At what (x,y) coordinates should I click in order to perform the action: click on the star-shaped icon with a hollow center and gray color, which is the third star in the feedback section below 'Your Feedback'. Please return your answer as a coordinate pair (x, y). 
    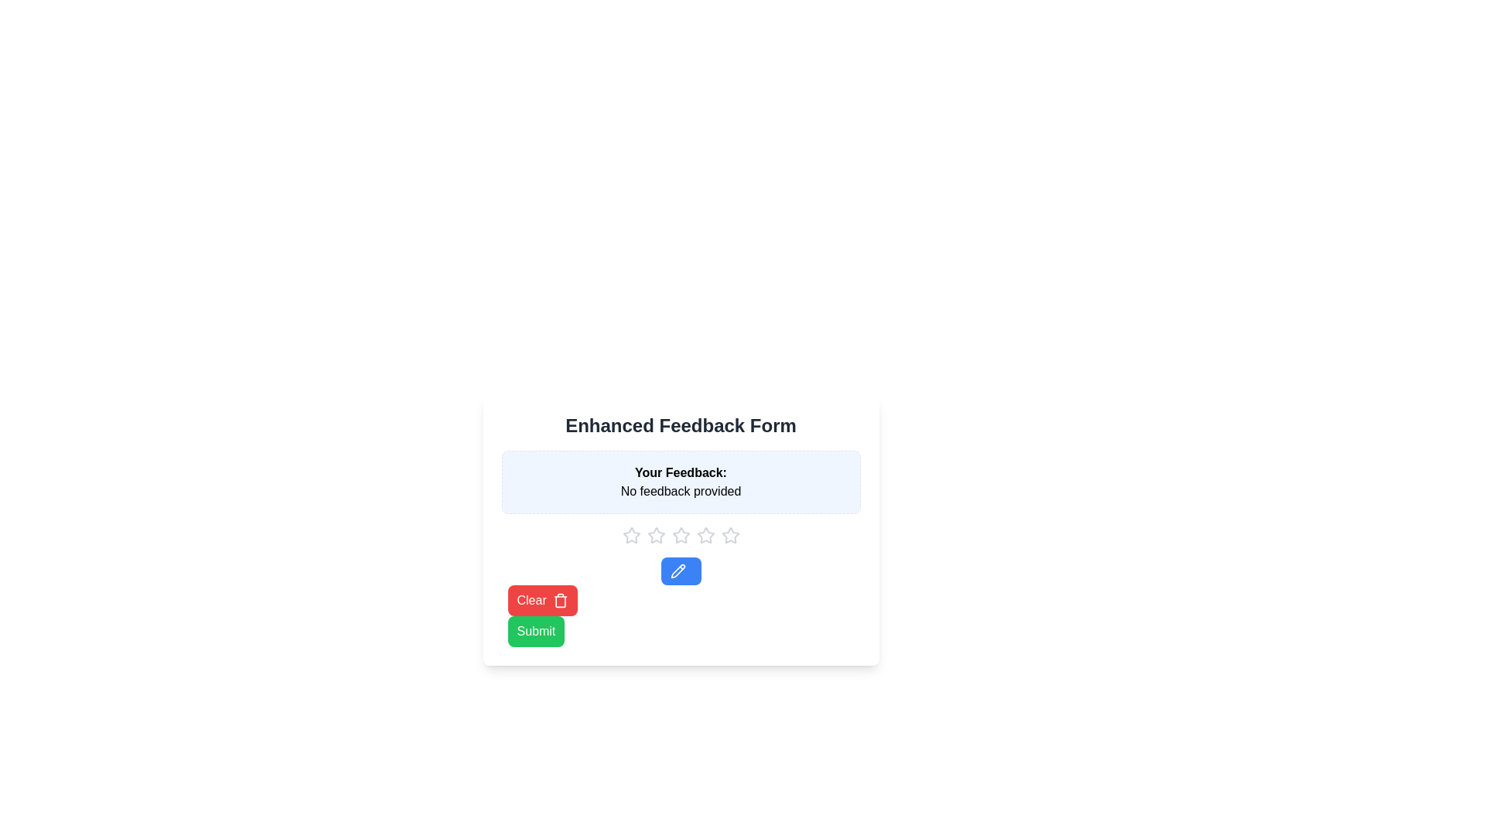
    Looking at the image, I should click on (656, 535).